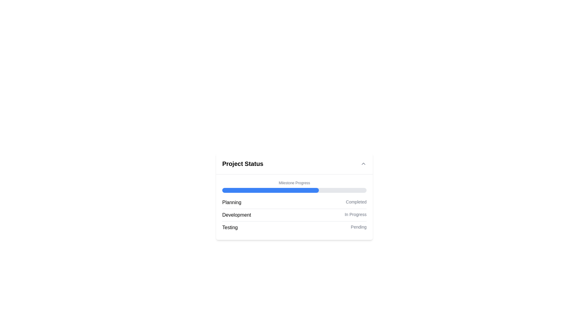 The height and width of the screenshot is (330, 587). I want to click on the progress visually by interacting with the progress bar located below the 'Milestone Progress' label in the 'Project Status' section, so click(294, 190).